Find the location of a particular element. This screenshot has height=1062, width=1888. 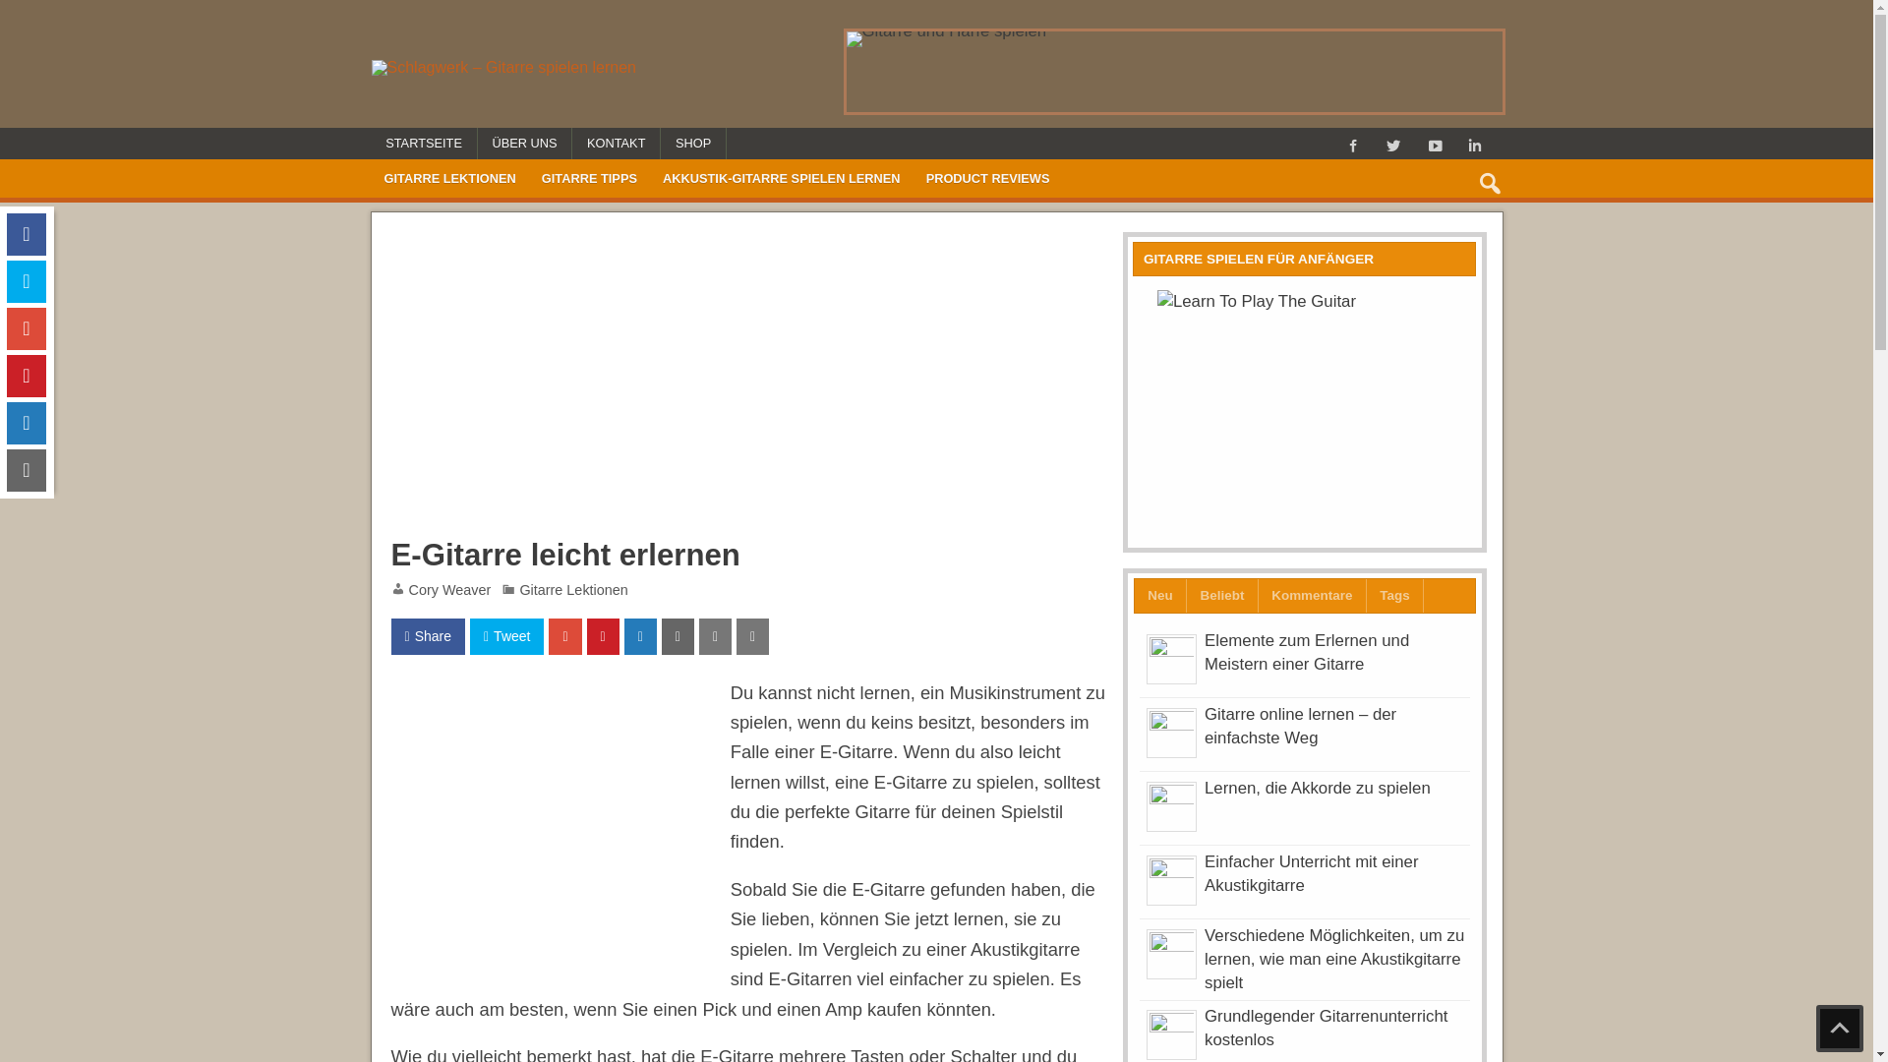

'GITARRE LEKTIONEN' is located at coordinates (372, 178).